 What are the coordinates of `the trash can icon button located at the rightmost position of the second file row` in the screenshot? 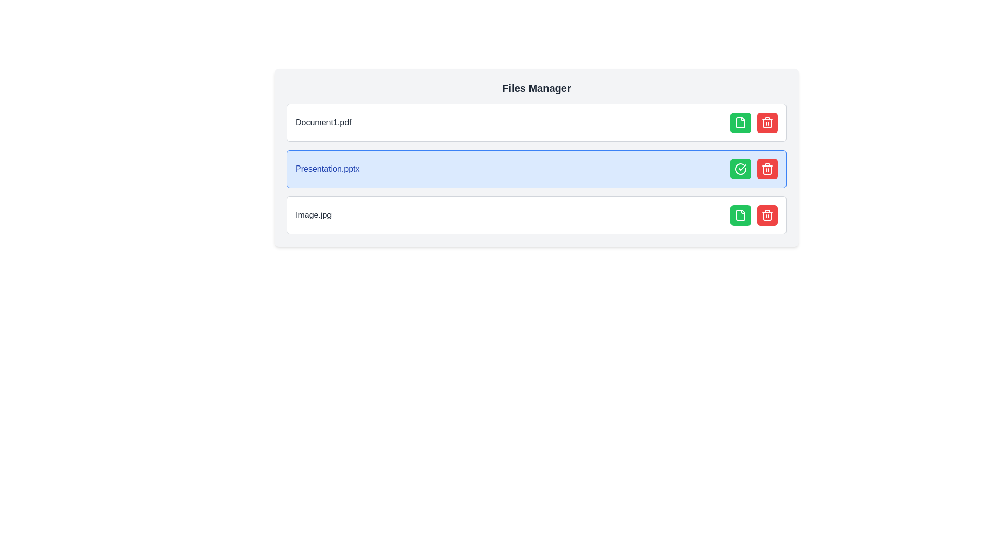 It's located at (767, 168).